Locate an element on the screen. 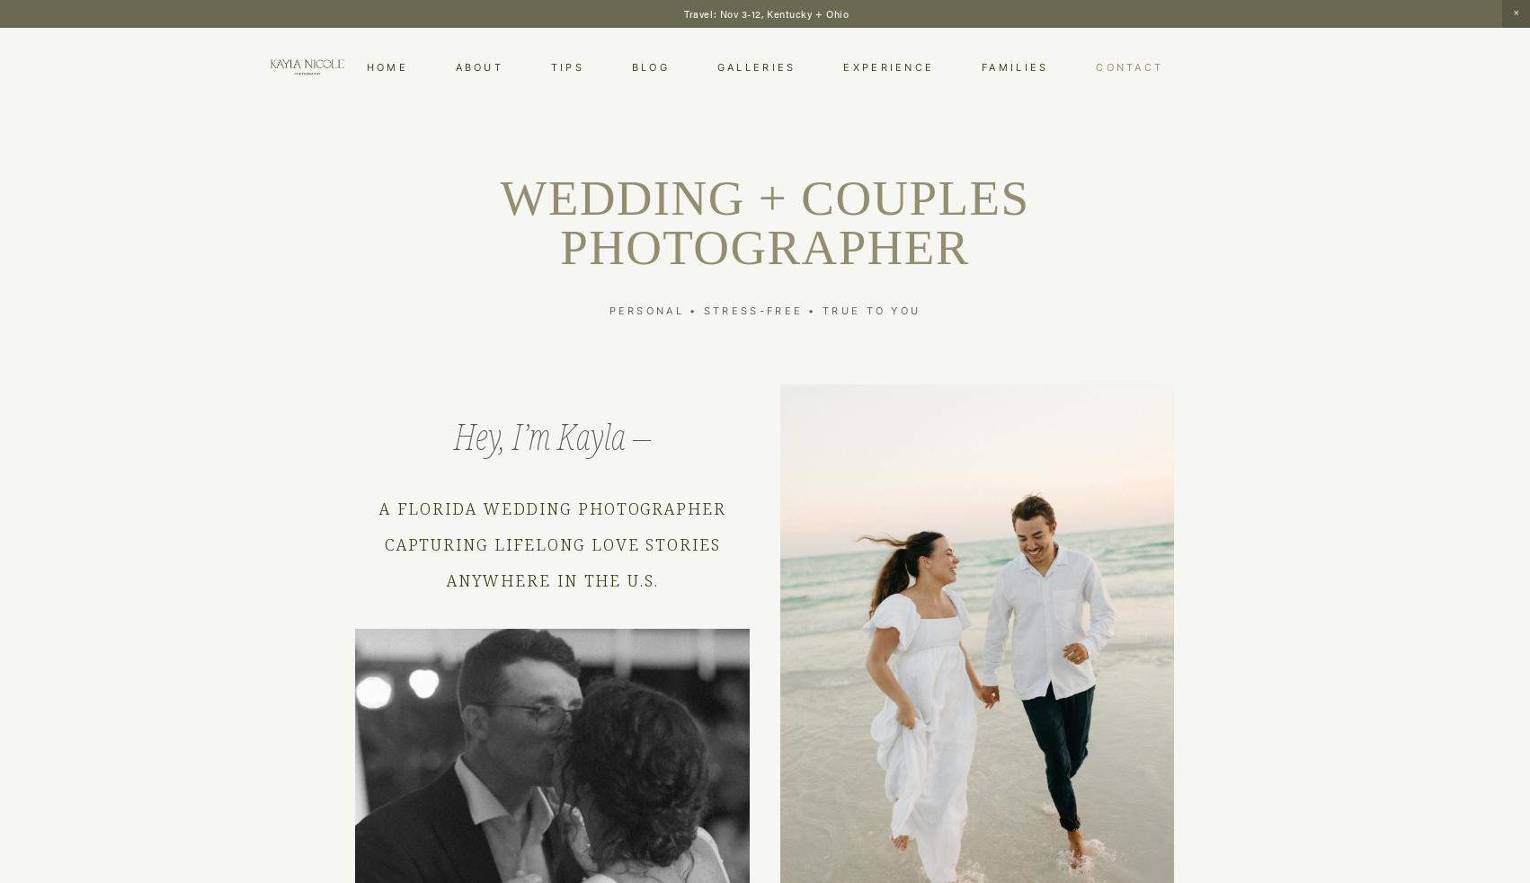  'PERSONAL • STRESS-FREE • TRUE TO YOU' is located at coordinates (763, 309).